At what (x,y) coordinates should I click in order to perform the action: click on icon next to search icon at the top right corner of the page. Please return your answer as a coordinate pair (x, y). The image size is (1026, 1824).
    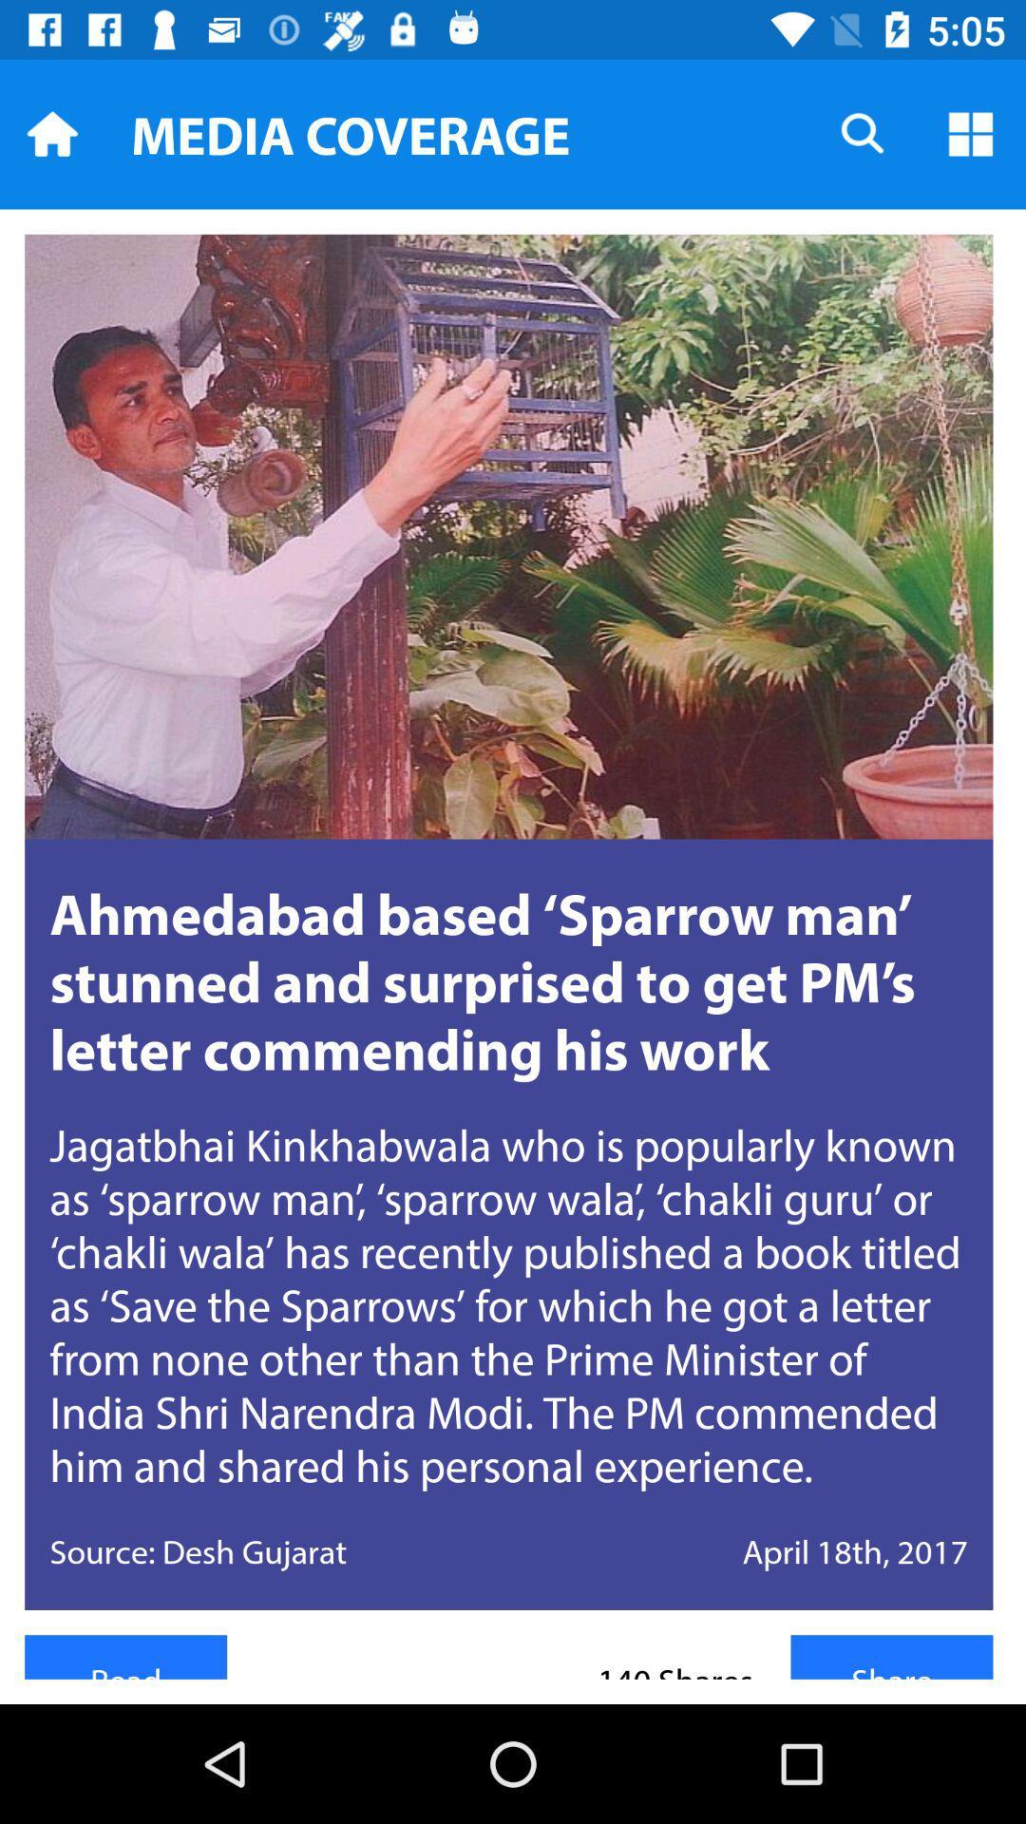
    Looking at the image, I should click on (971, 133).